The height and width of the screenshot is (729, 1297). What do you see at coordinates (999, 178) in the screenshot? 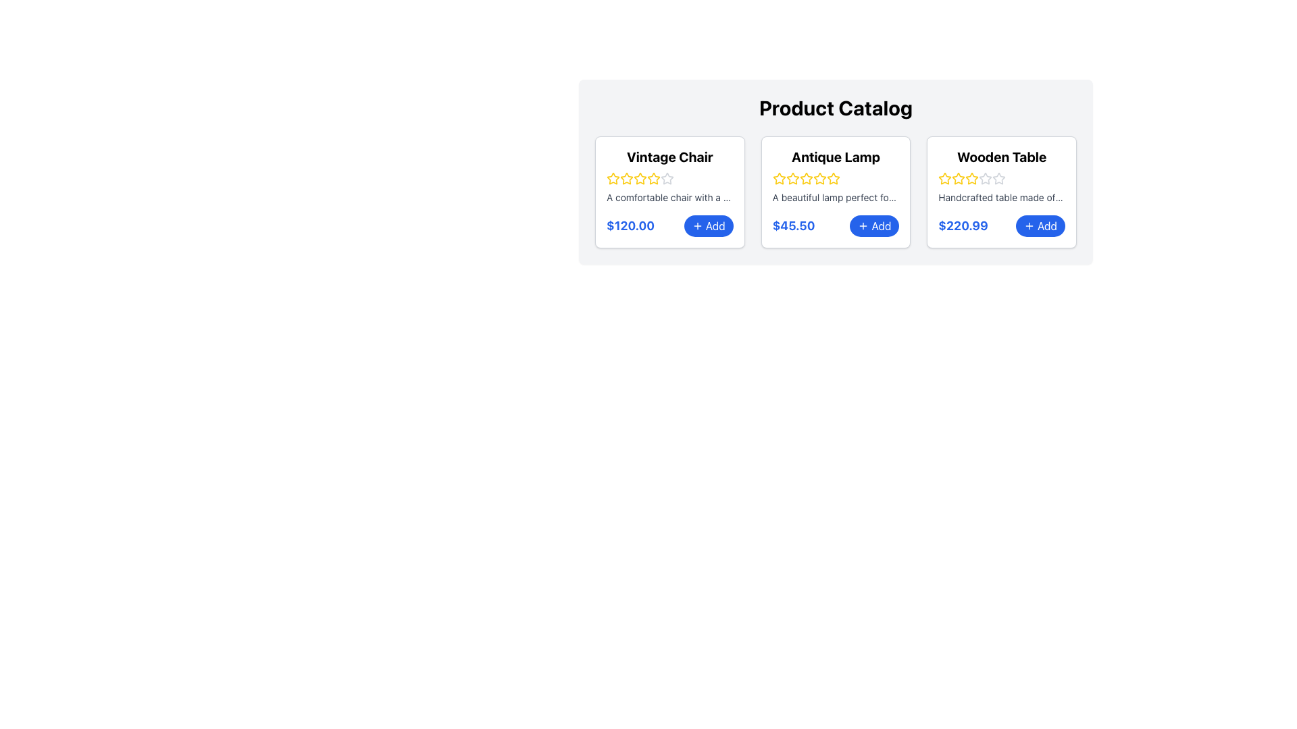
I see `the third star icon in the rating system for the 'Wooden Table' product in the Product Catalog` at bounding box center [999, 178].